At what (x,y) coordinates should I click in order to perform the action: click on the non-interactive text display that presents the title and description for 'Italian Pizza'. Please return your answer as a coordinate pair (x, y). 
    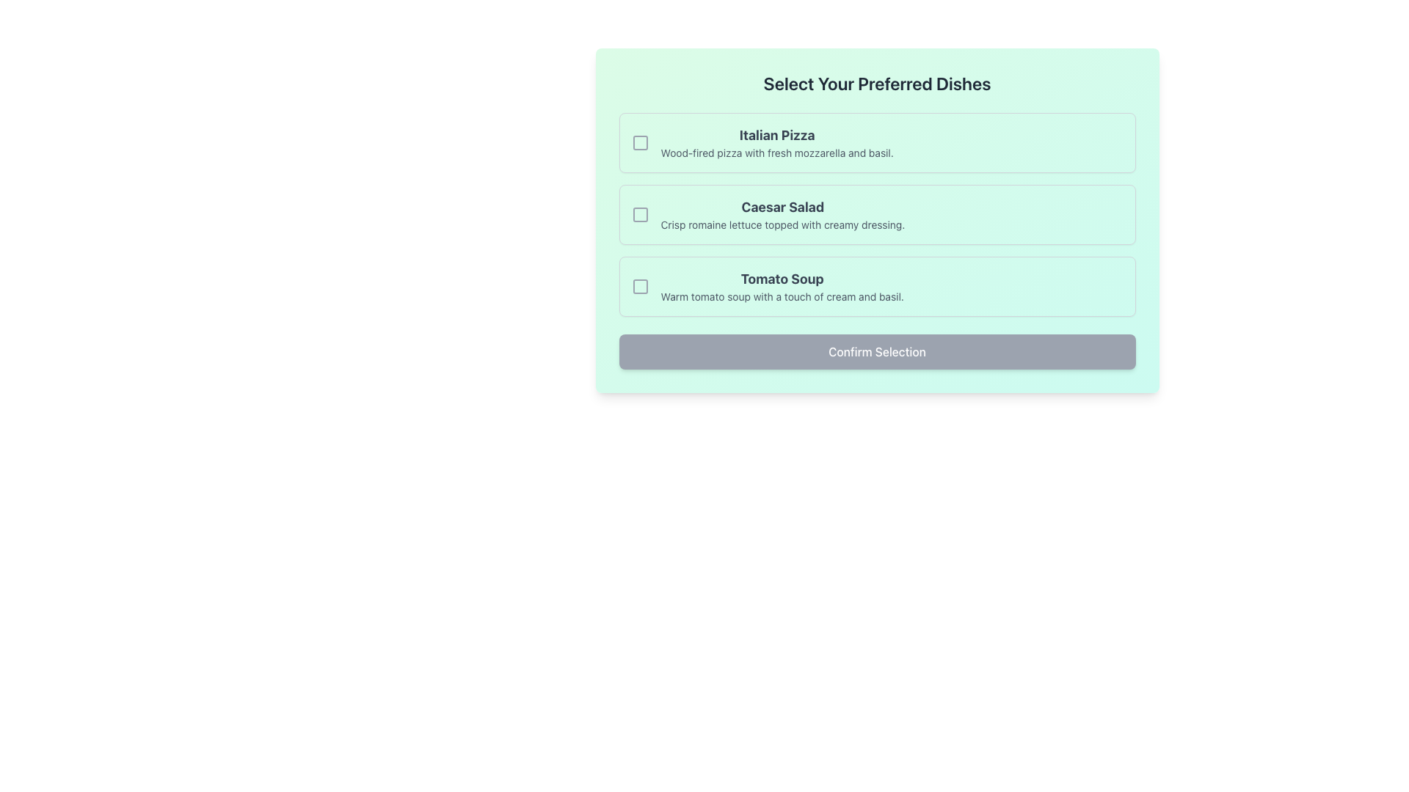
    Looking at the image, I should click on (776, 143).